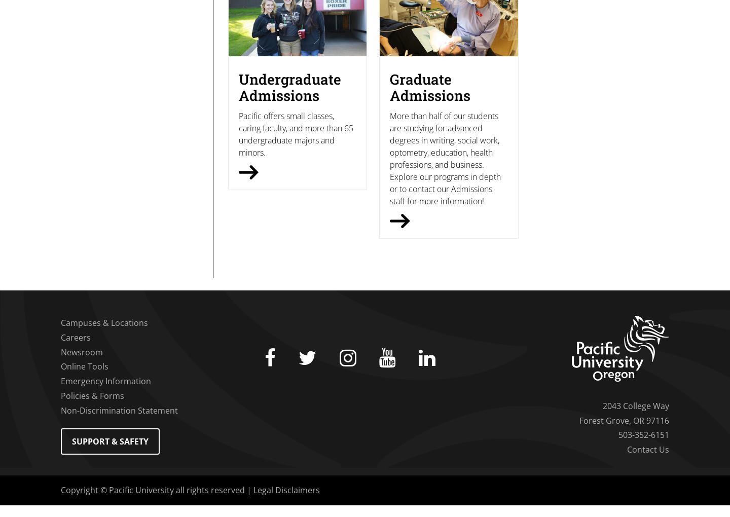 Image resolution: width=730 pixels, height=517 pixels. What do you see at coordinates (429, 87) in the screenshot?
I see `'Graduate Admissions'` at bounding box center [429, 87].